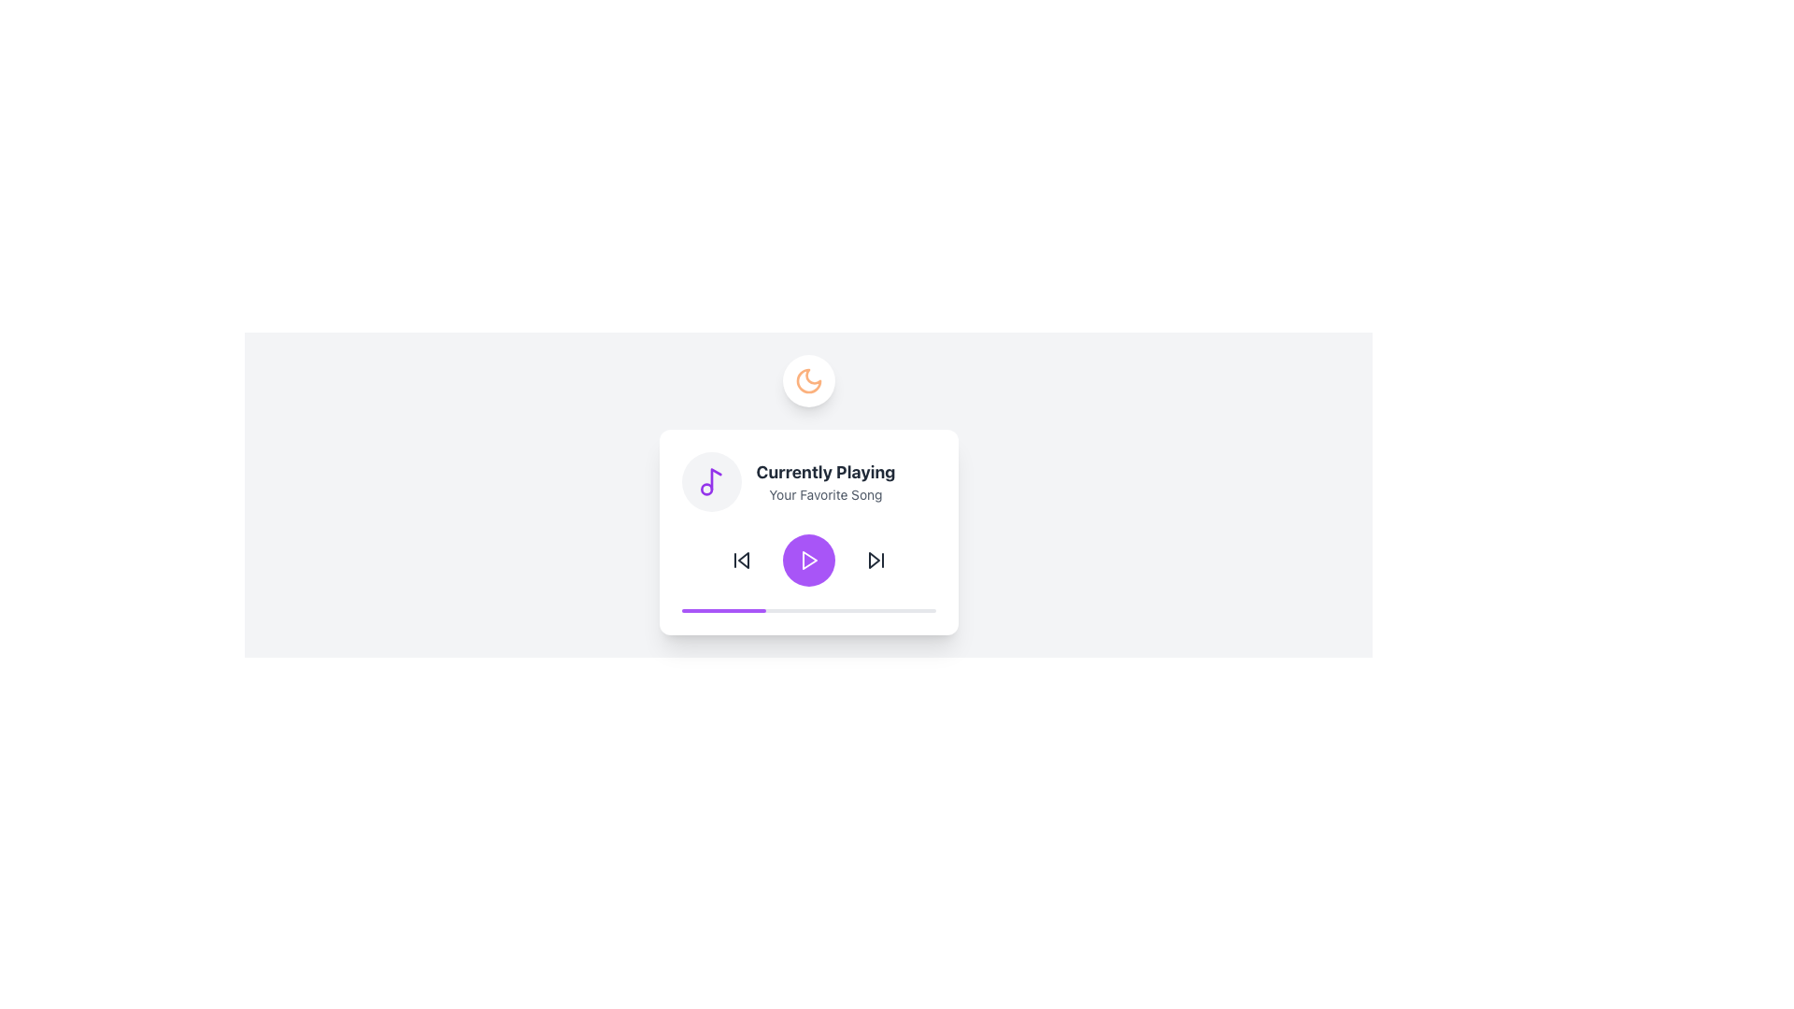 The height and width of the screenshot is (1009, 1794). I want to click on the Skip-backward button, which is a small icon resembling a backward arrow within a circular button, located in the bottom section of the music control card, so click(740, 560).